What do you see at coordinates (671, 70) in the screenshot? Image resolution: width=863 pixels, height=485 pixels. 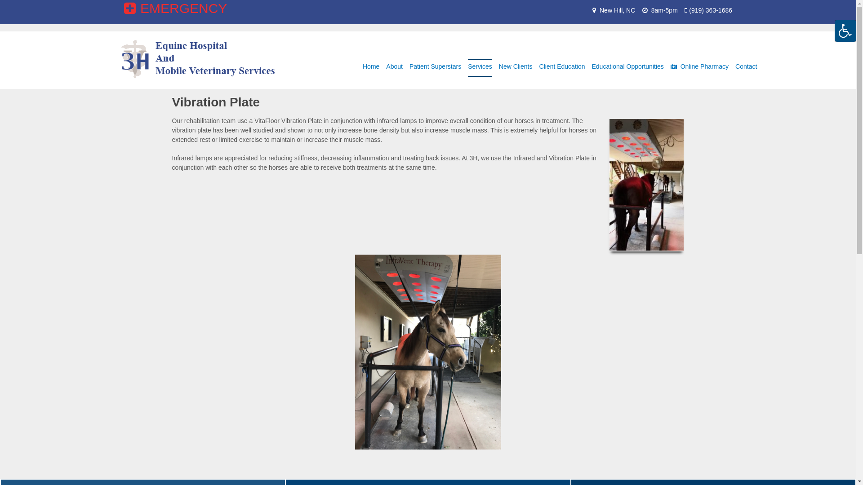 I see `'Online Pharmacy'` at bounding box center [671, 70].